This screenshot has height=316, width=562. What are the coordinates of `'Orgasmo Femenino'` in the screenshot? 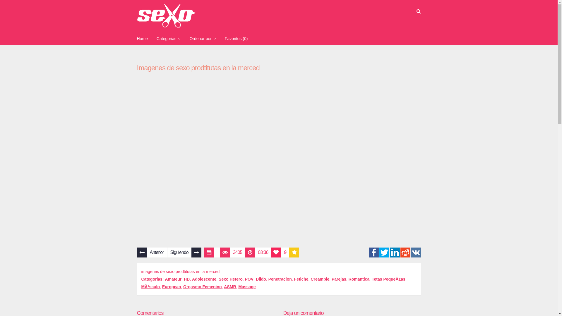 It's located at (183, 286).